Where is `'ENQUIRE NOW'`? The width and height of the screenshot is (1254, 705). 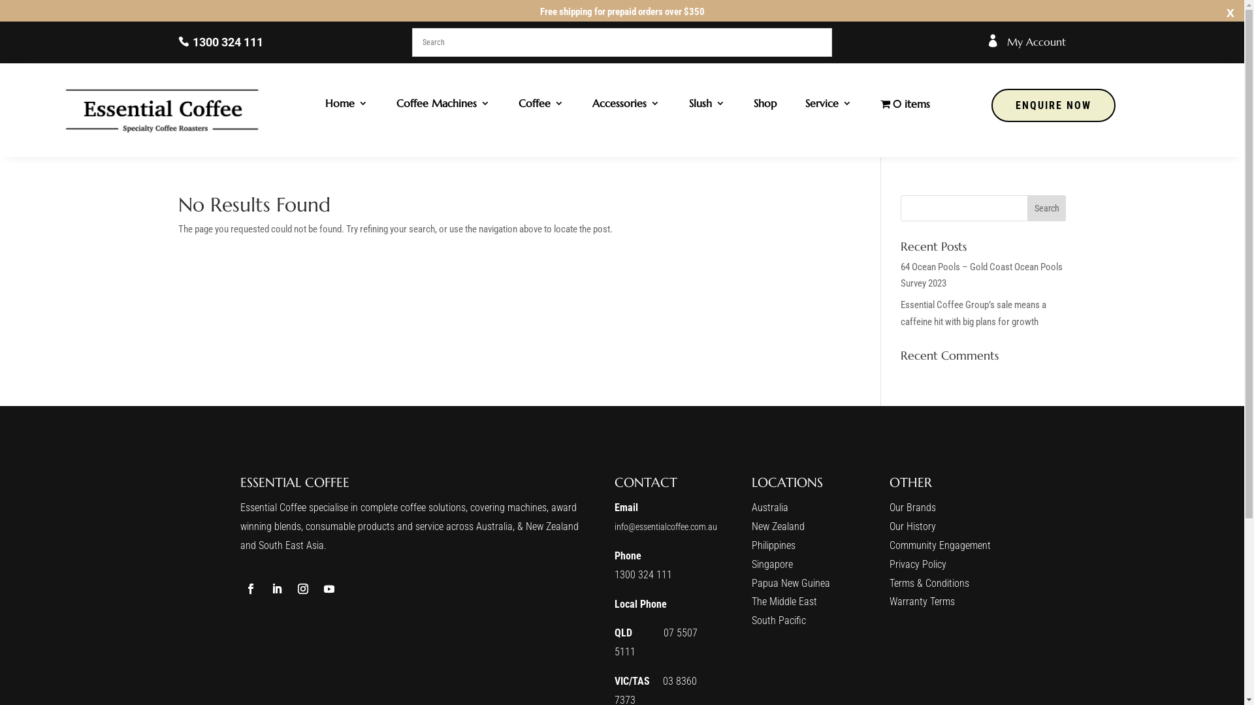 'ENQUIRE NOW' is located at coordinates (1053, 104).